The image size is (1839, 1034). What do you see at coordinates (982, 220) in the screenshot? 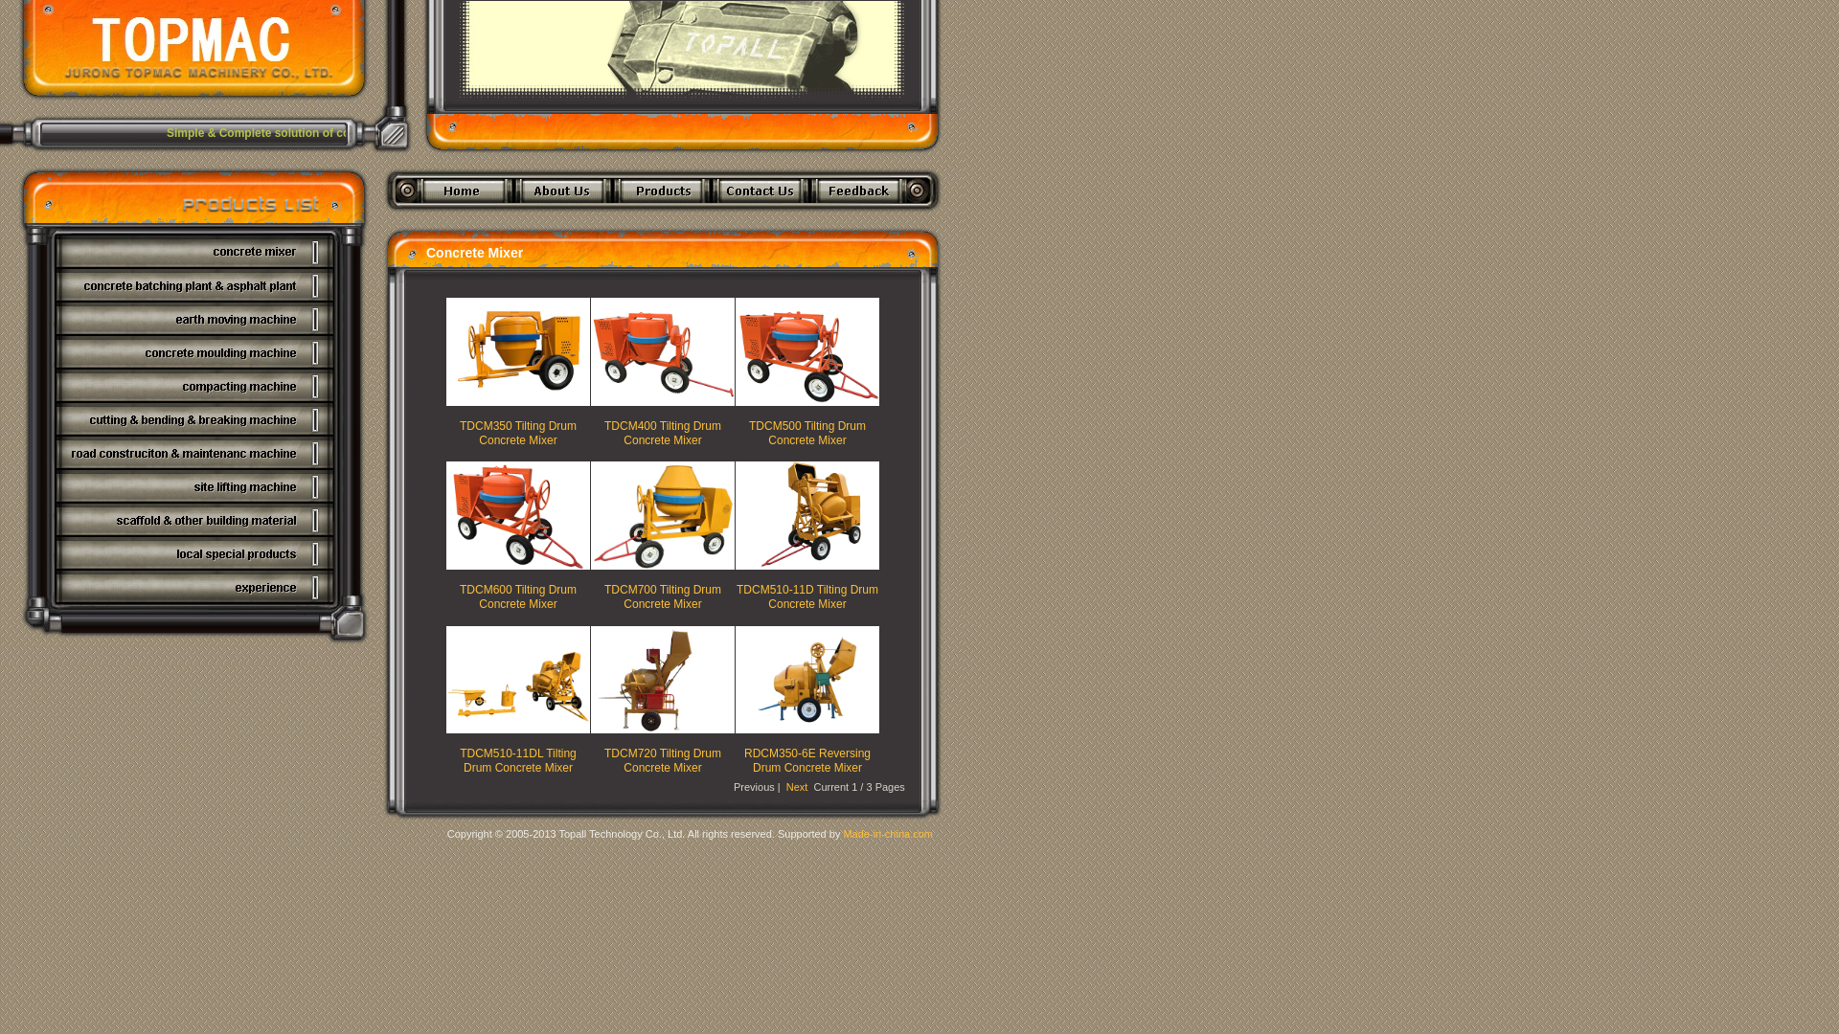
I see `'cheap ralph lauren polo shirts'` at bounding box center [982, 220].